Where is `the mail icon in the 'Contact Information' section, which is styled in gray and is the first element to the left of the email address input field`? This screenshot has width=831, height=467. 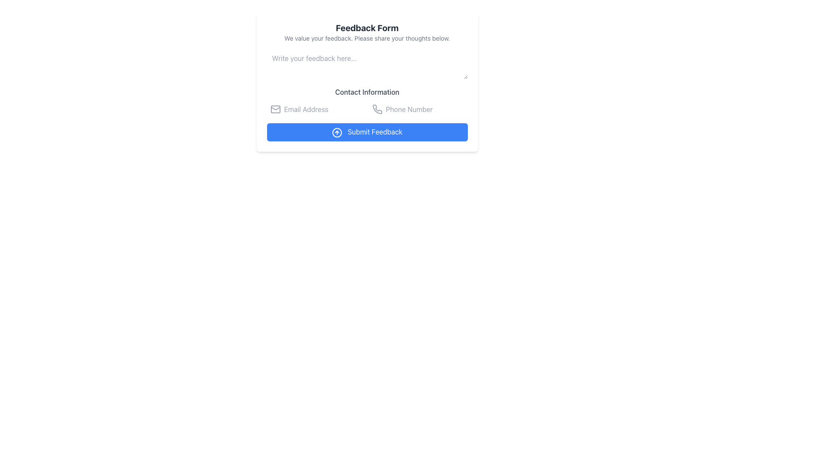
the mail icon in the 'Contact Information' section, which is styled in gray and is the first element to the left of the email address input field is located at coordinates (275, 109).